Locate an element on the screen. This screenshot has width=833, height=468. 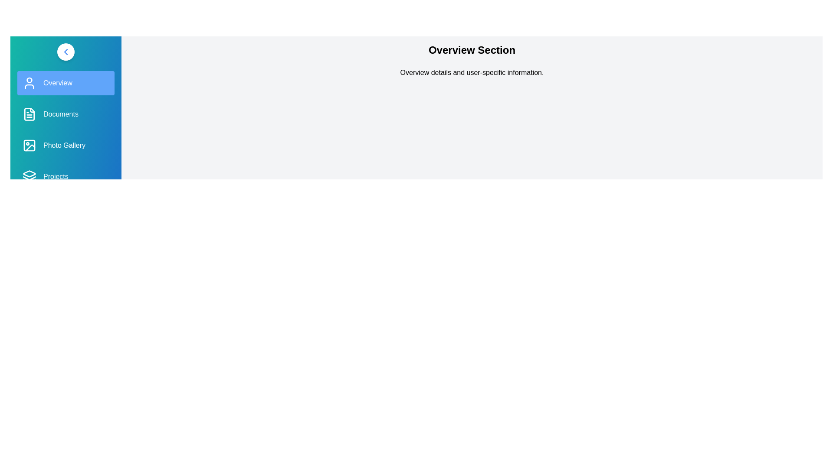
the navigation item Photo Gallery from the list is located at coordinates (66, 145).